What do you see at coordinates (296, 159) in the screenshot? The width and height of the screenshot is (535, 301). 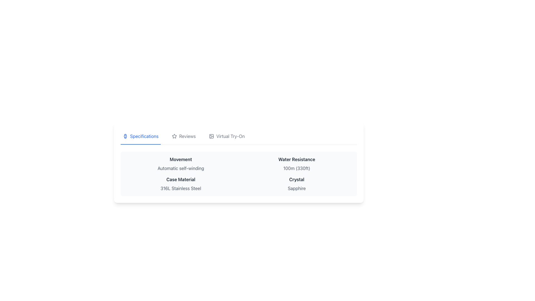 I see `the 'Water Resistance' text label, which is styled with a bold font and dark gray color, located on the right side of the middle section in the specifications table` at bounding box center [296, 159].